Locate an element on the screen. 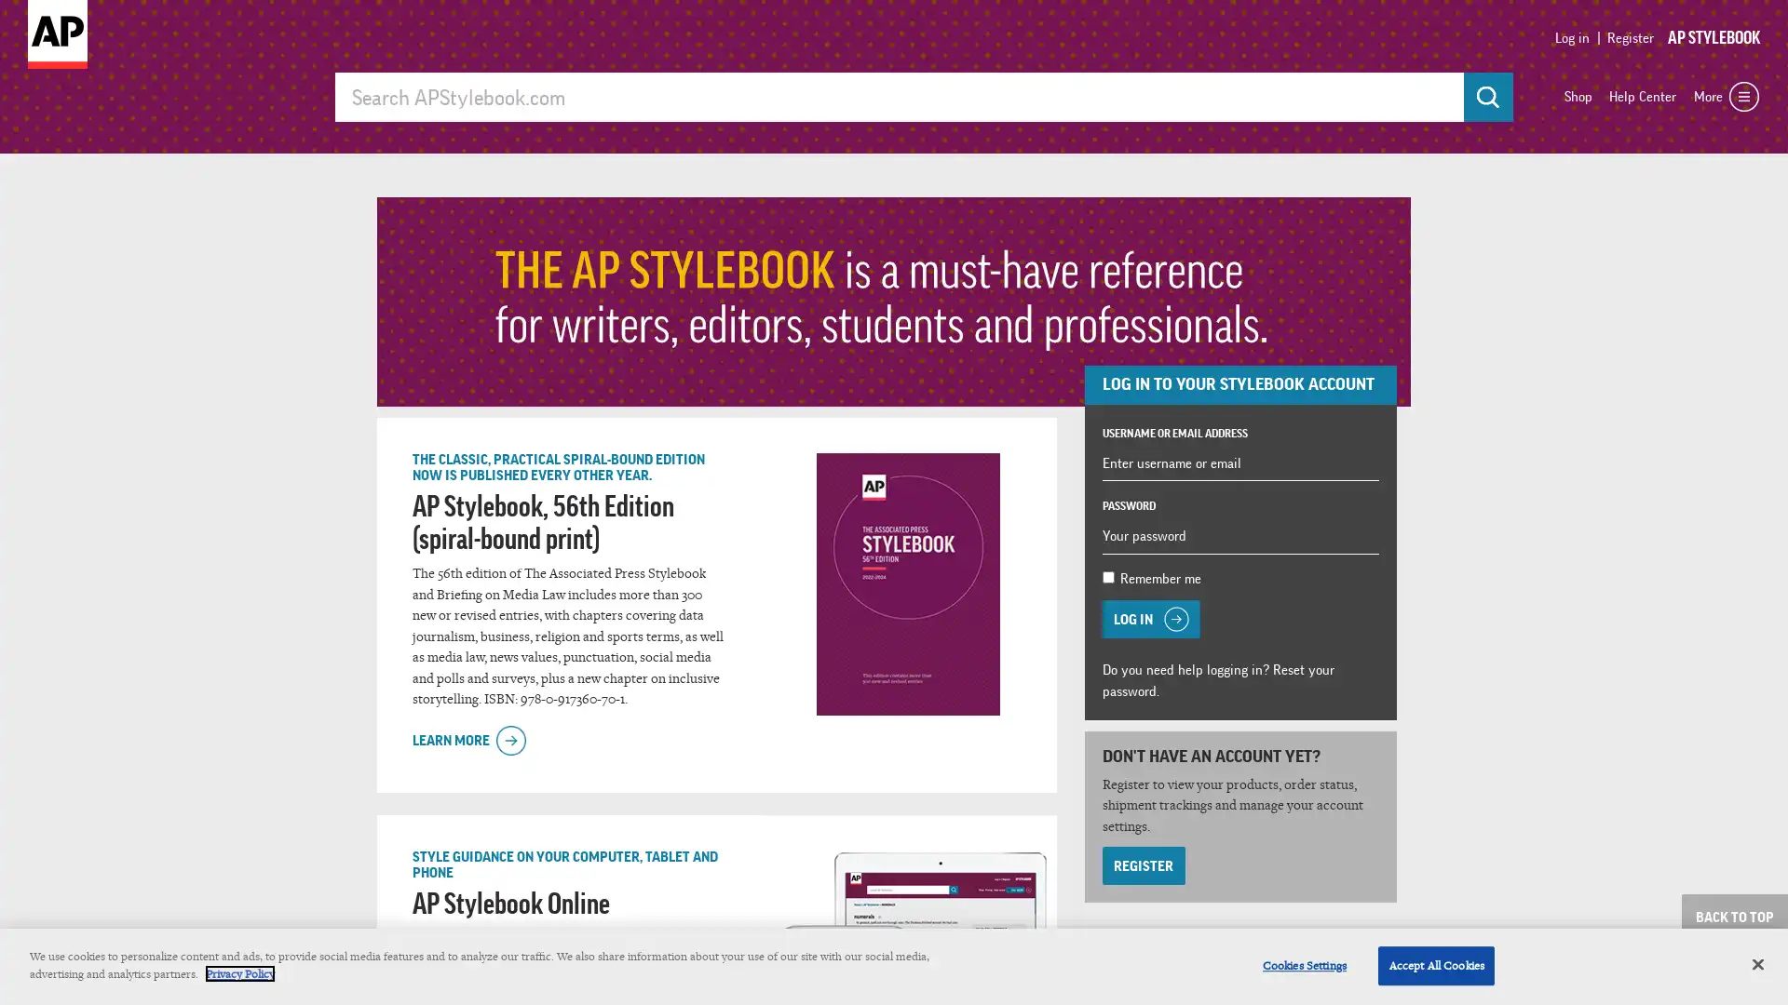 The image size is (1788, 1005). More is located at coordinates (1725, 96).